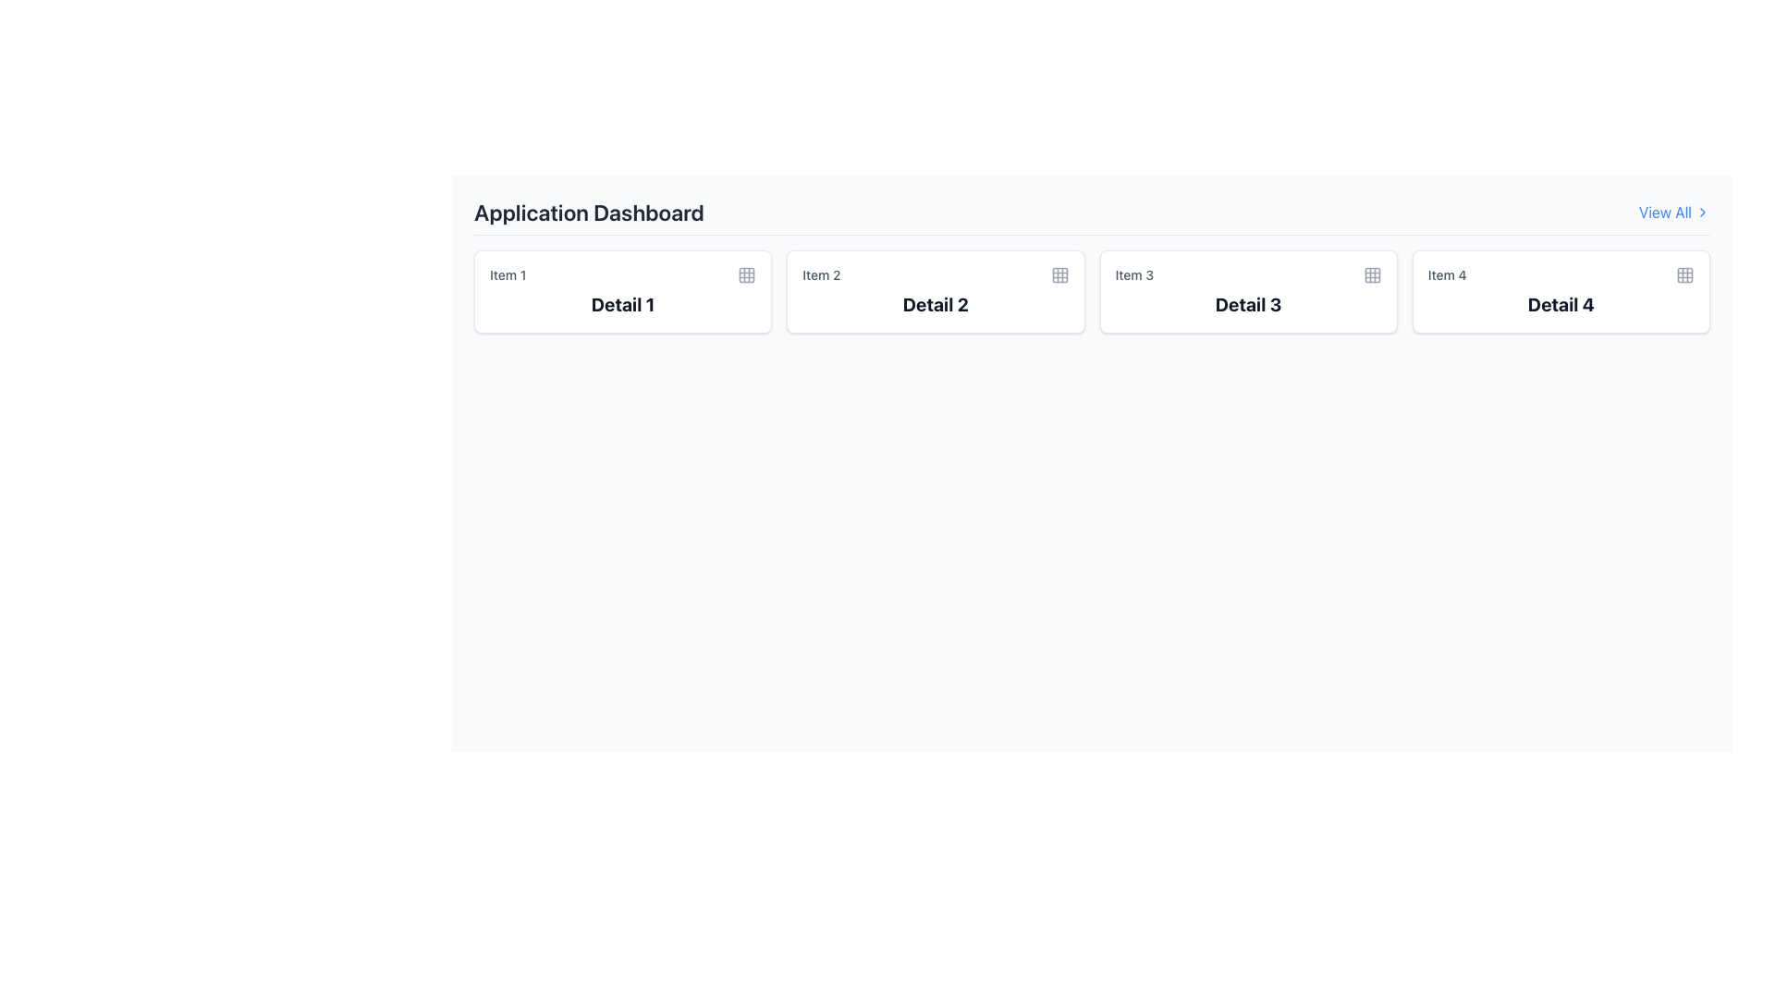 Image resolution: width=1775 pixels, height=998 pixels. I want to click on the top-left rectangle of the SVG grid icon located next to the 'Detail 3' label in the card layout, so click(1372, 274).